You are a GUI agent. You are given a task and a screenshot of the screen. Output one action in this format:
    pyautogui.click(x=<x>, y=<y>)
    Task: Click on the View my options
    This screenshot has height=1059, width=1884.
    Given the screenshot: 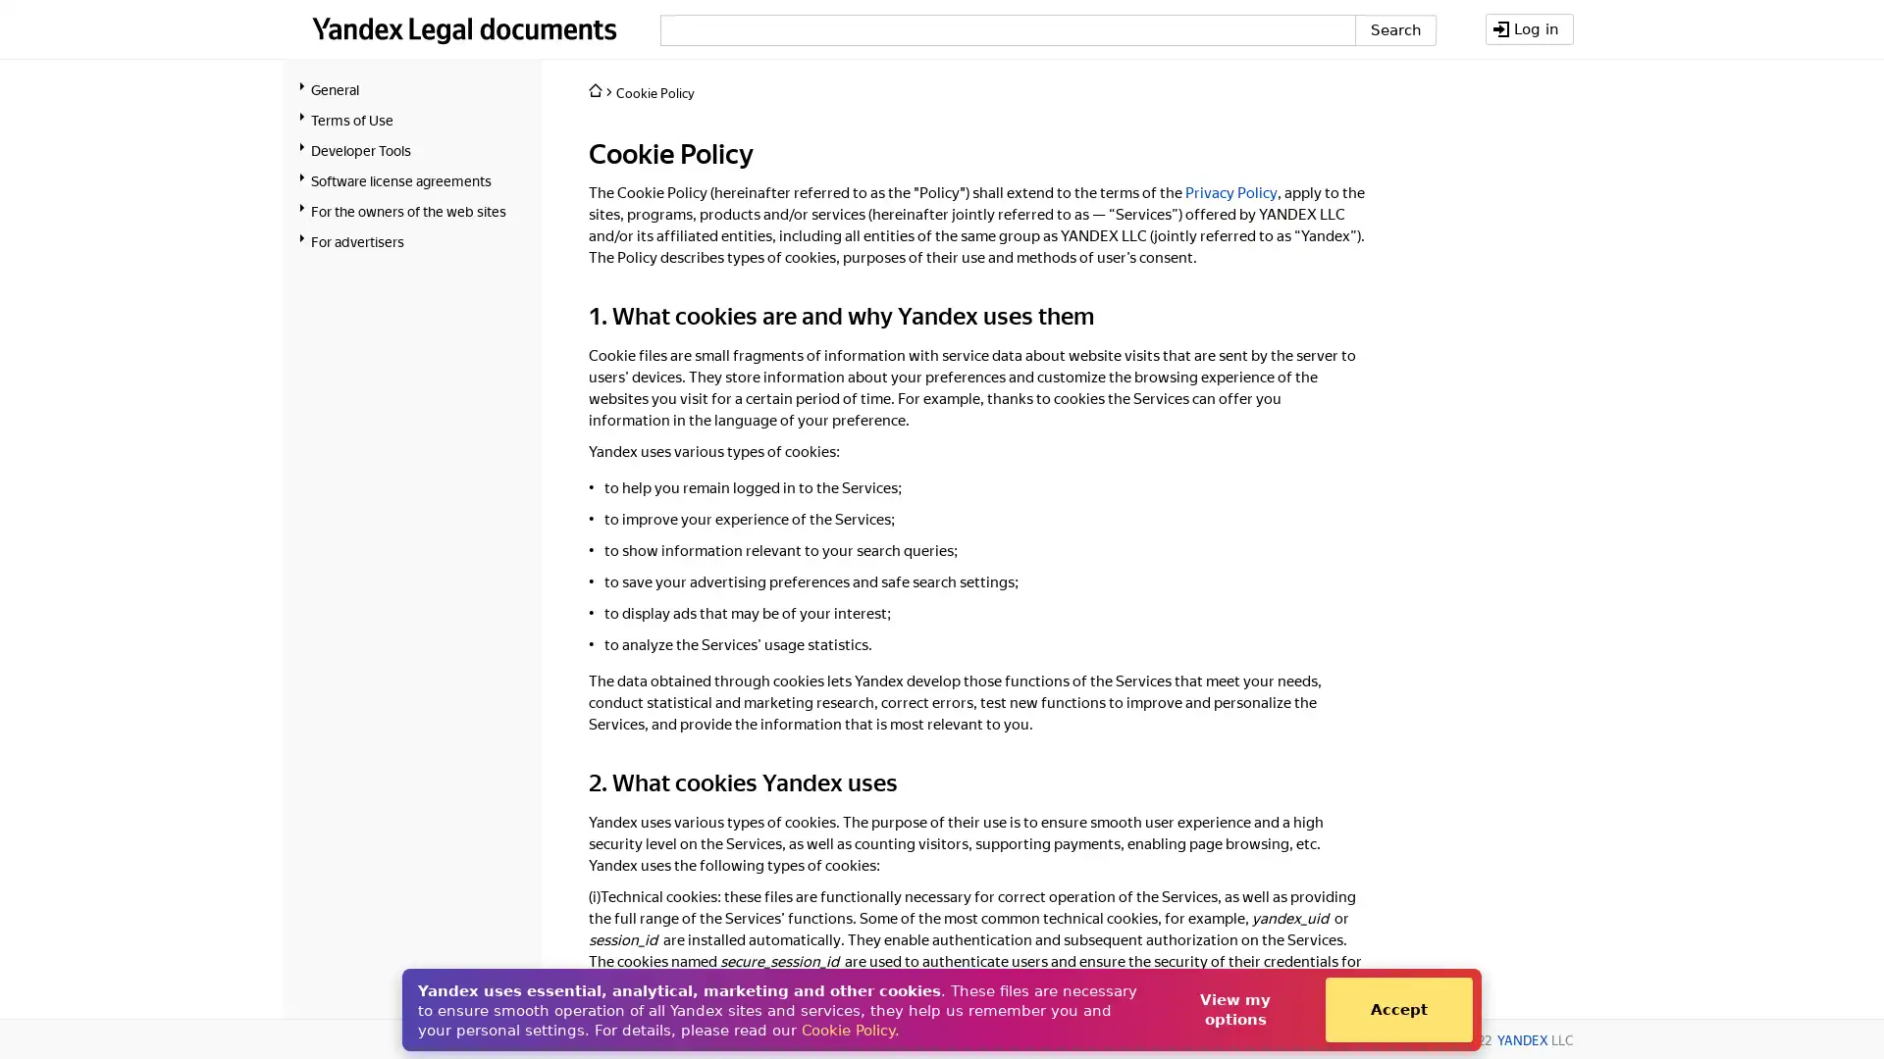 What is the action you would take?
    pyautogui.click(x=1233, y=1009)
    